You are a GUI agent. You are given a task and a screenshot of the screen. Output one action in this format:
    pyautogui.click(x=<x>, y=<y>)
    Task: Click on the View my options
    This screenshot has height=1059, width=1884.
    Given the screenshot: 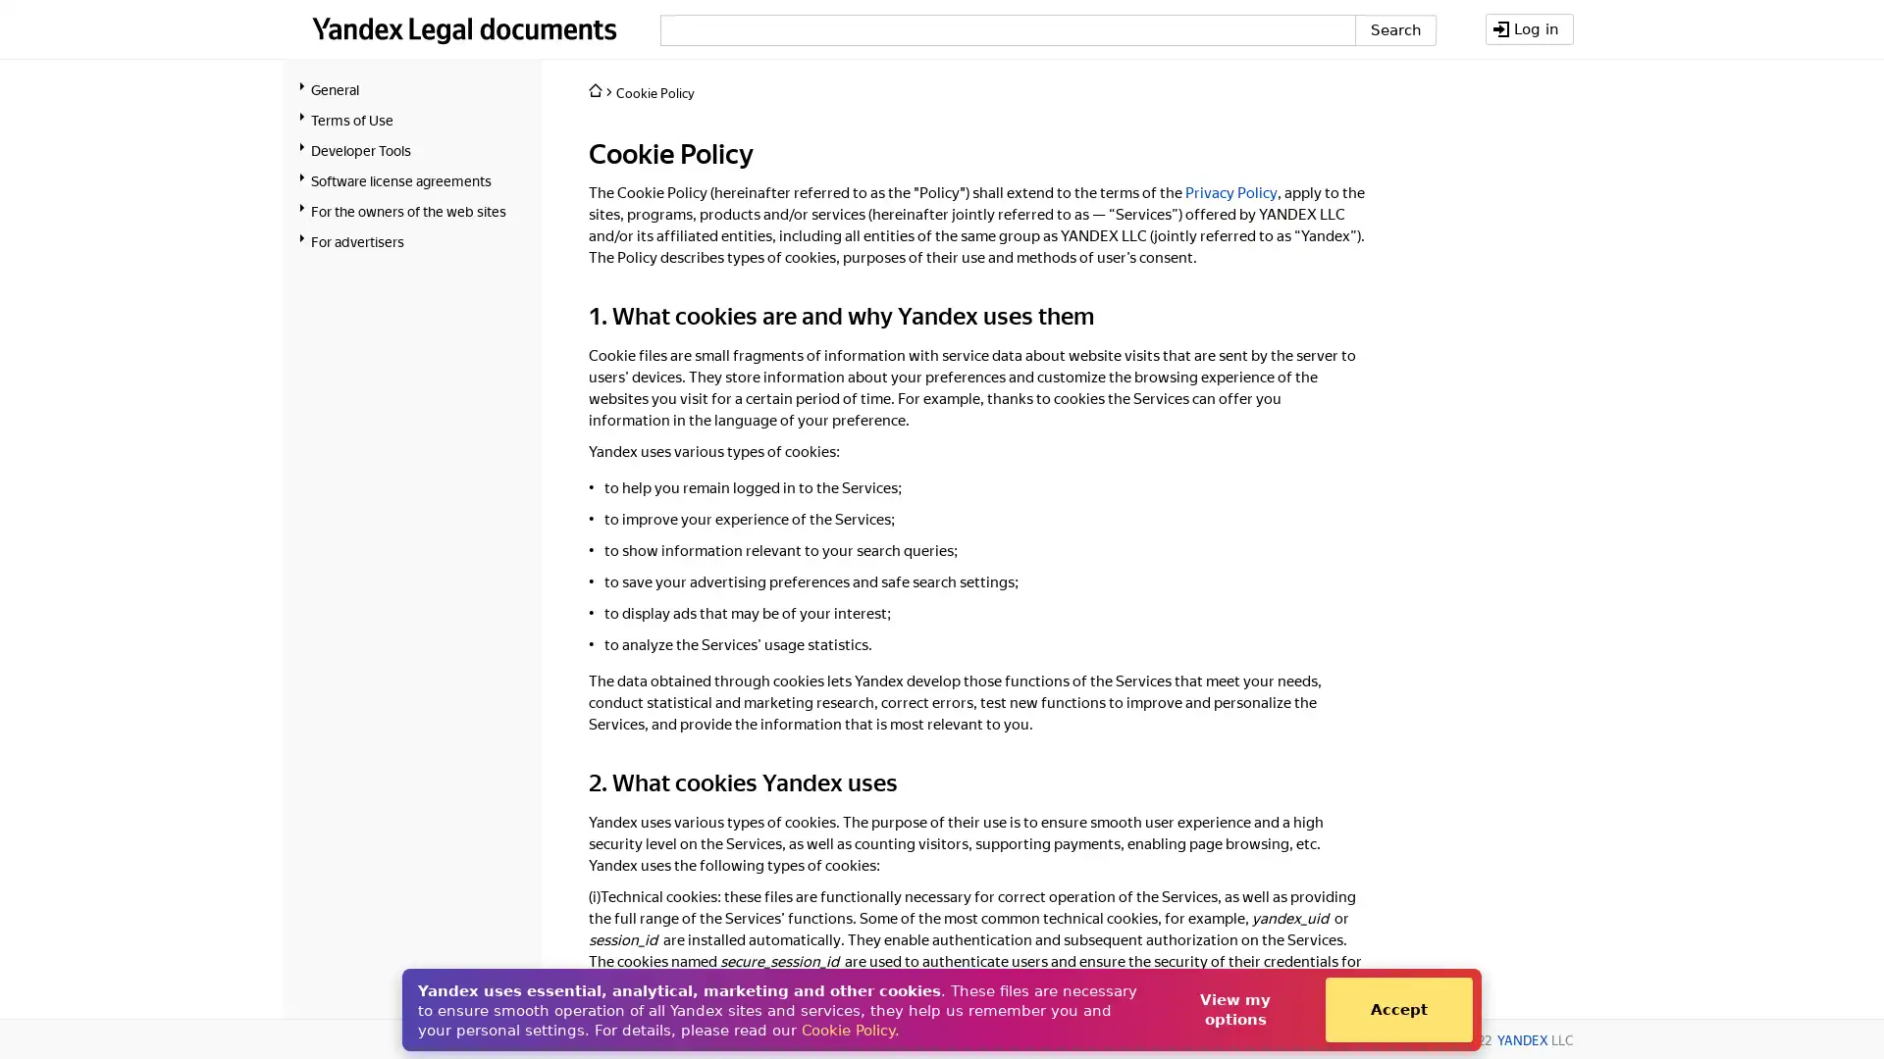 What is the action you would take?
    pyautogui.click(x=1233, y=1009)
    